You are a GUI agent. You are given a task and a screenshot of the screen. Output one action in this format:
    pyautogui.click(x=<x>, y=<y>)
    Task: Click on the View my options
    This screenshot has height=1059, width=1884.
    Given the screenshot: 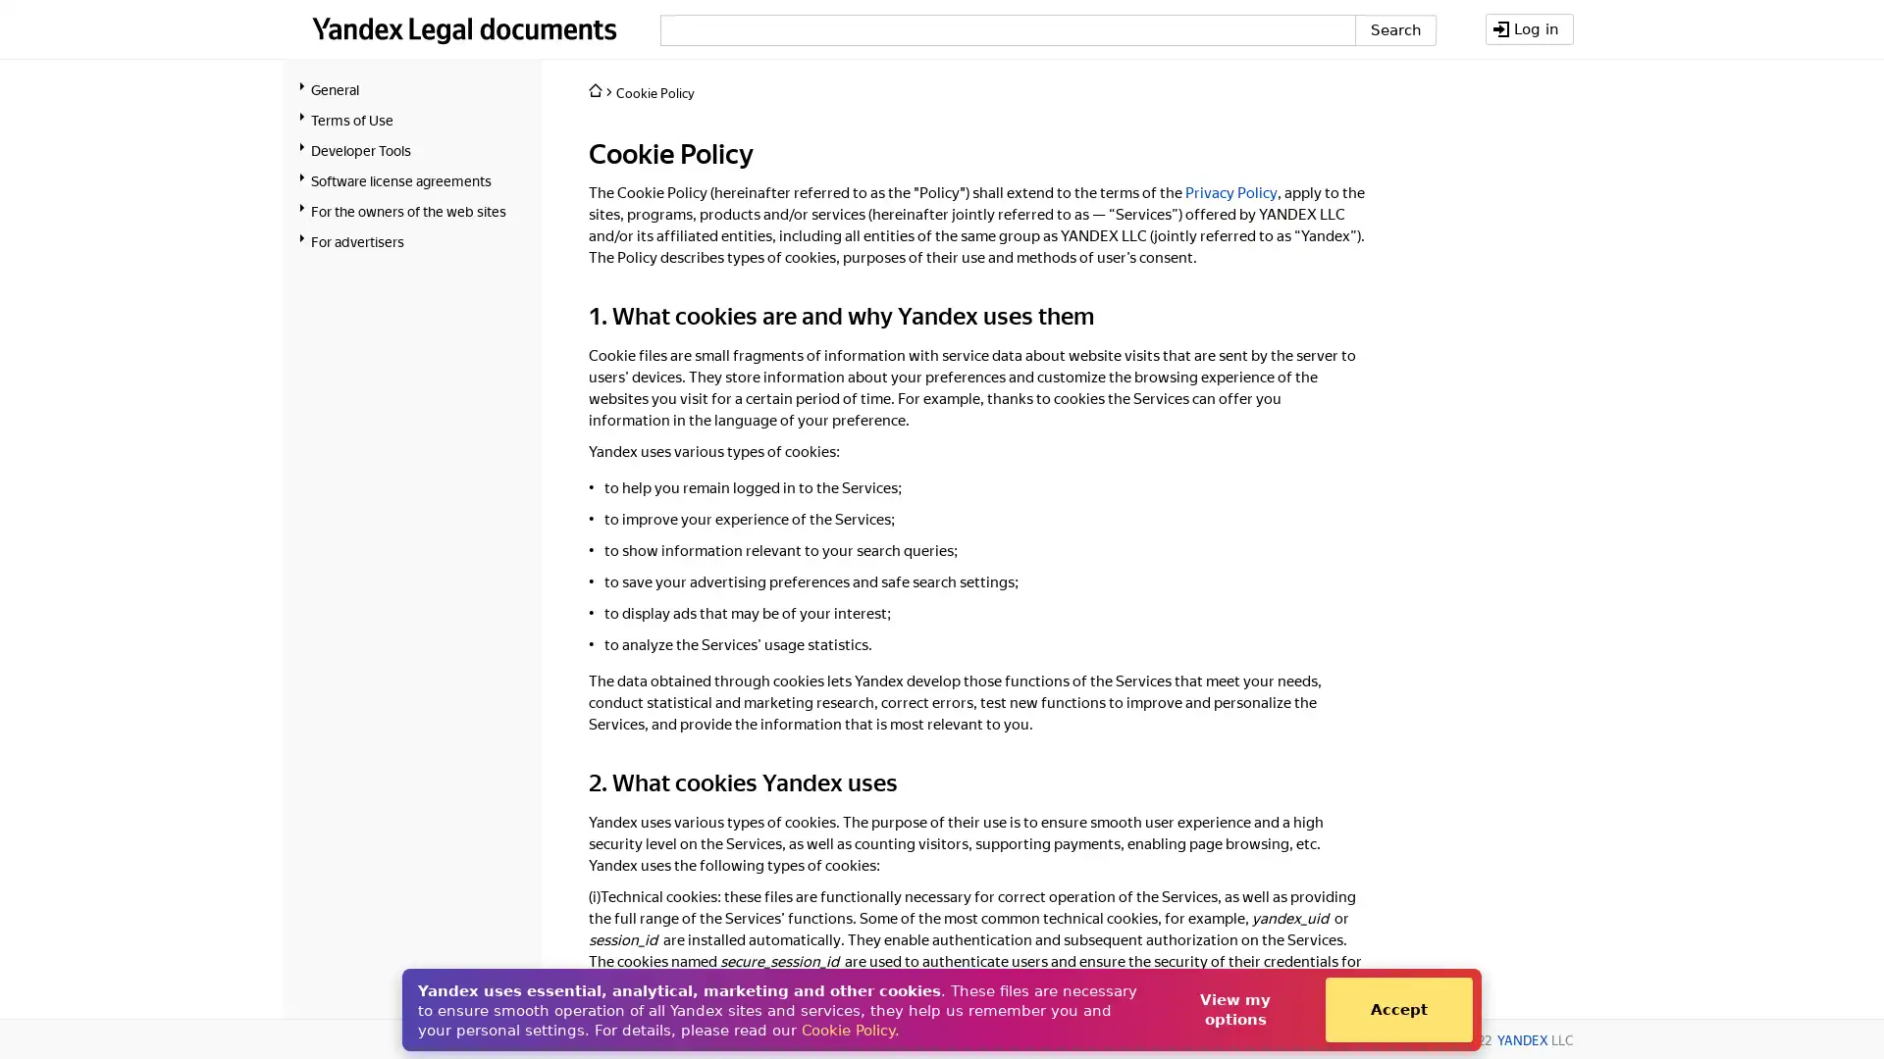 What is the action you would take?
    pyautogui.click(x=1233, y=1009)
    